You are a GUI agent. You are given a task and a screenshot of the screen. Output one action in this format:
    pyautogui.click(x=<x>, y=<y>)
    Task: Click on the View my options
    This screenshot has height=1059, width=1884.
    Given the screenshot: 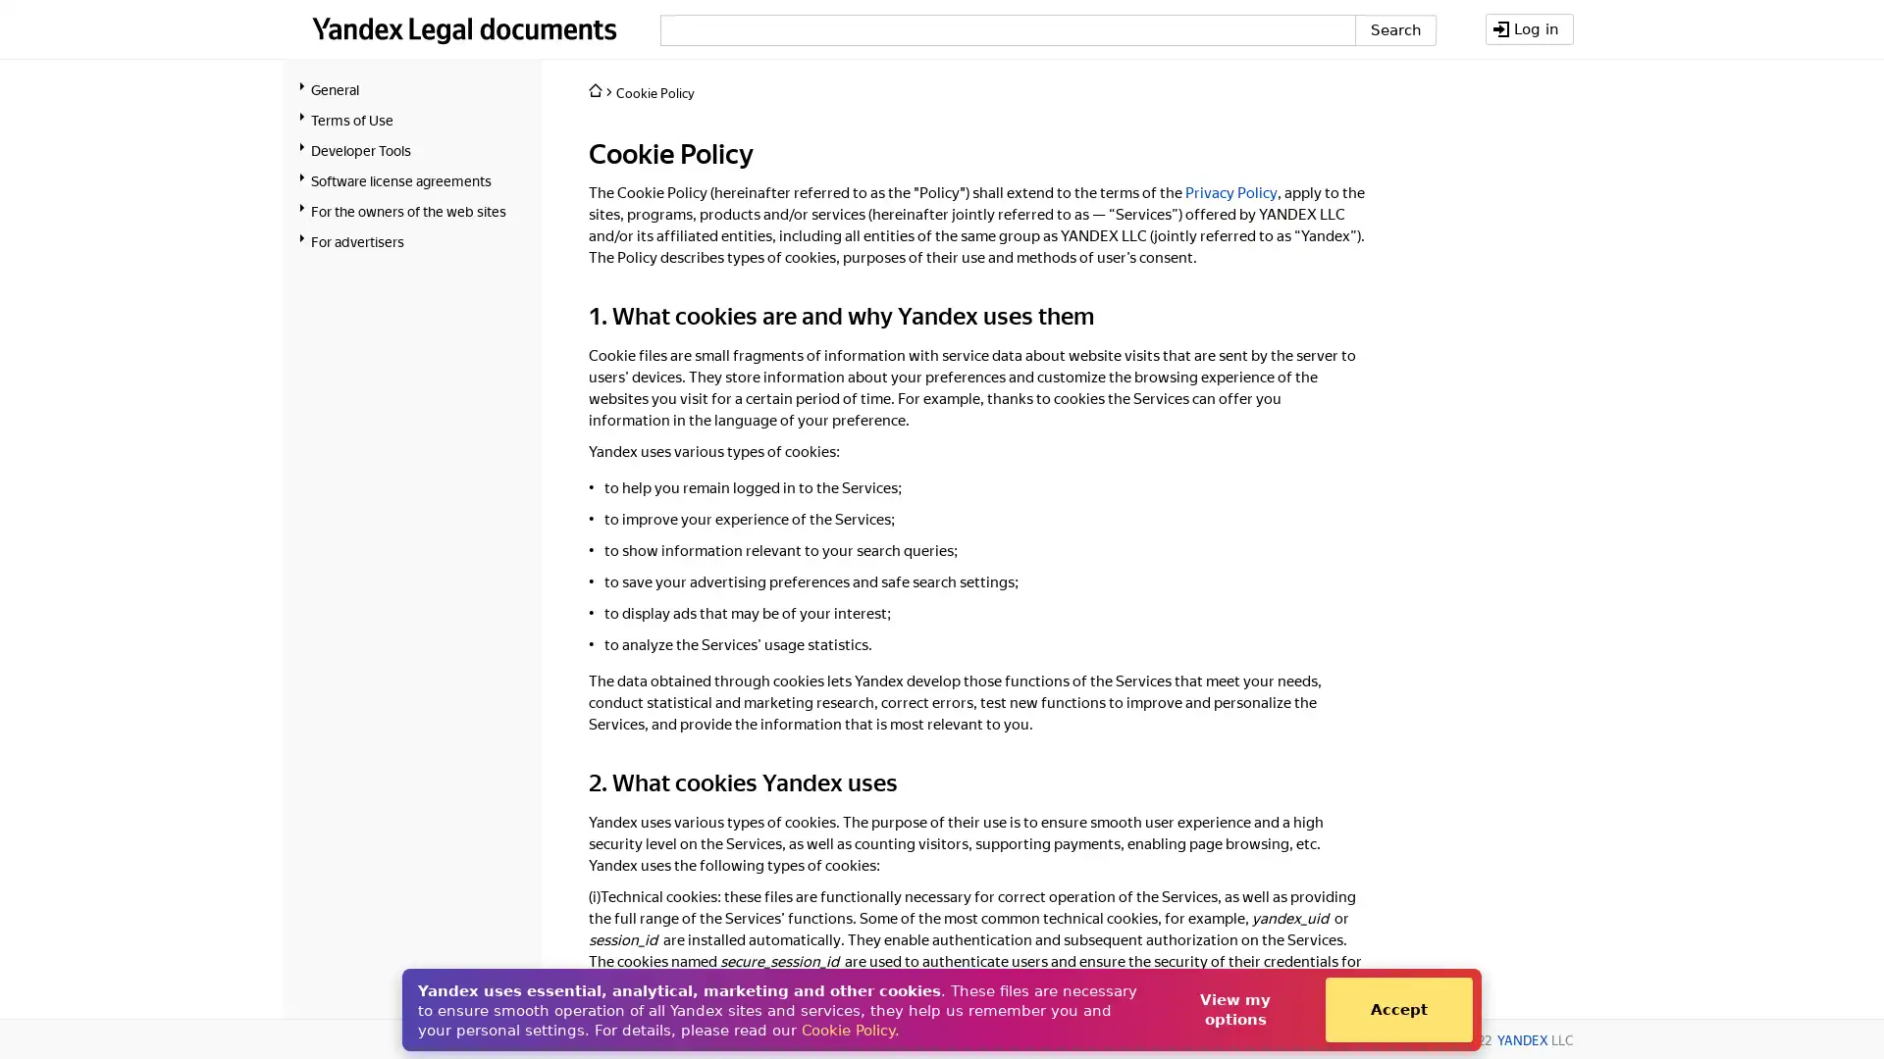 What is the action you would take?
    pyautogui.click(x=1233, y=1009)
    